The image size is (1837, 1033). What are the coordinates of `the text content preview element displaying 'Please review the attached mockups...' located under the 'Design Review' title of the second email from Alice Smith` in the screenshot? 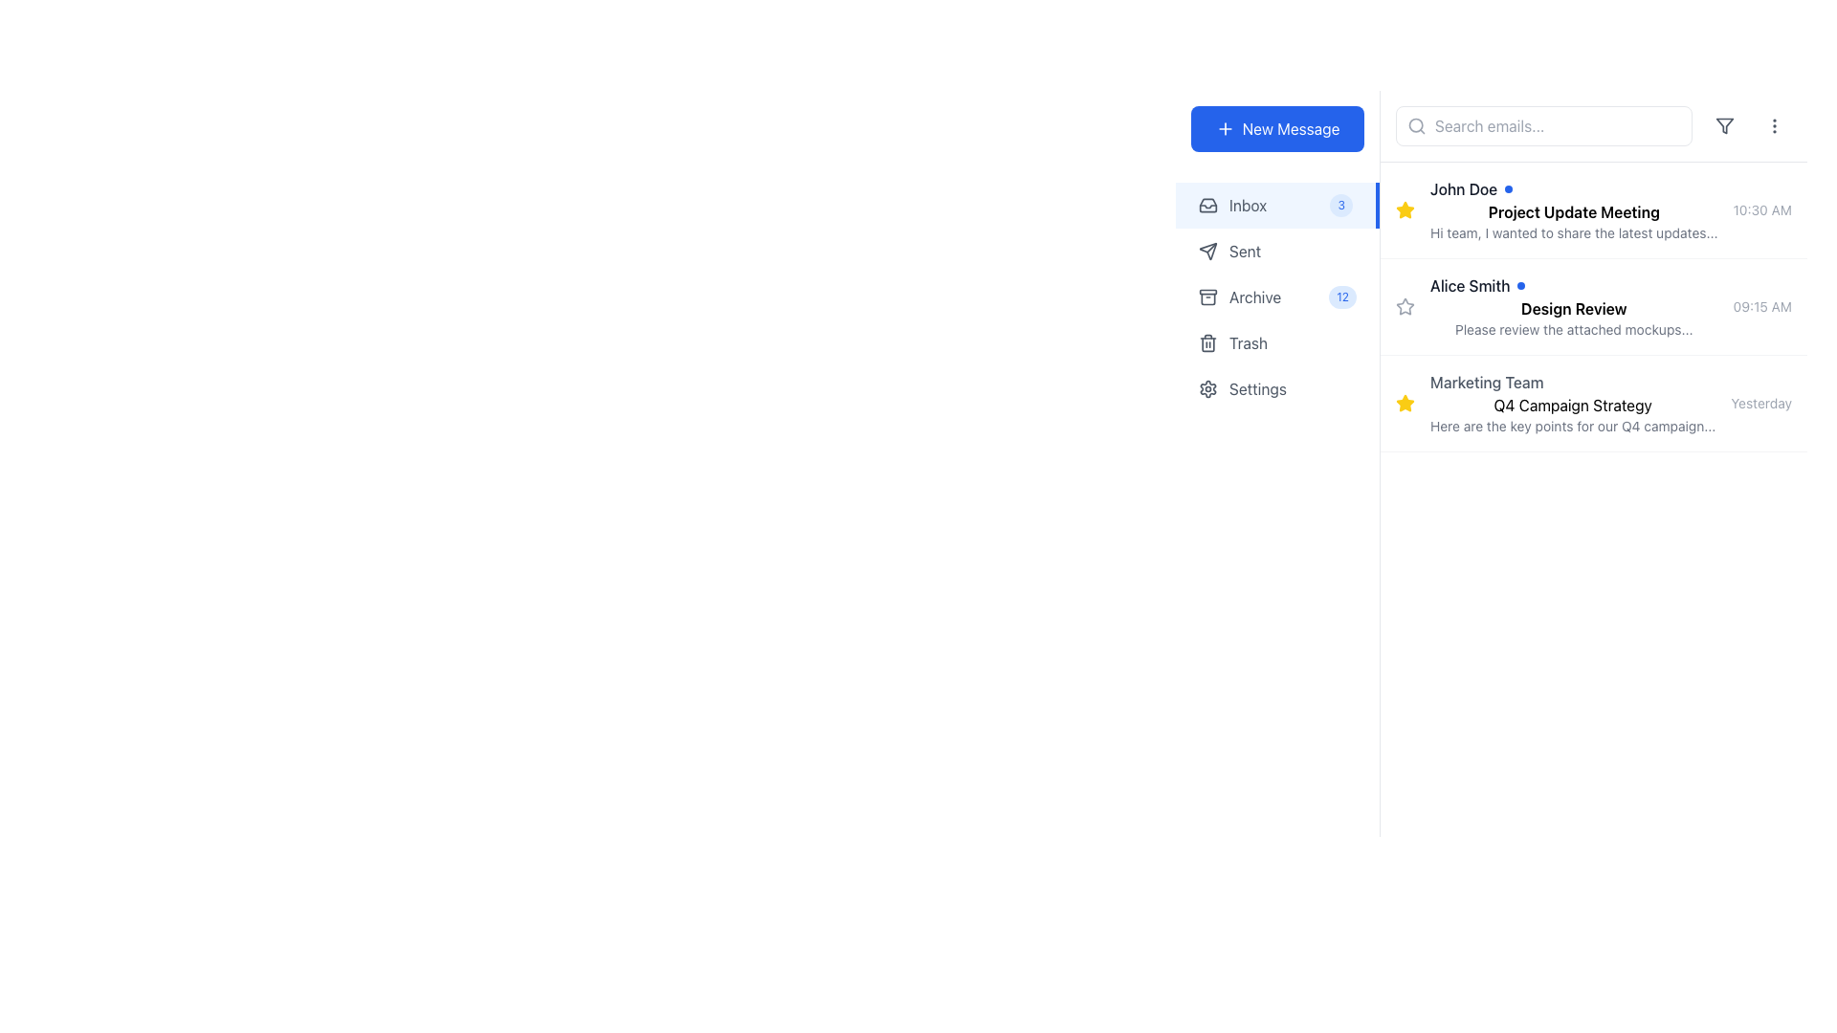 It's located at (1574, 328).